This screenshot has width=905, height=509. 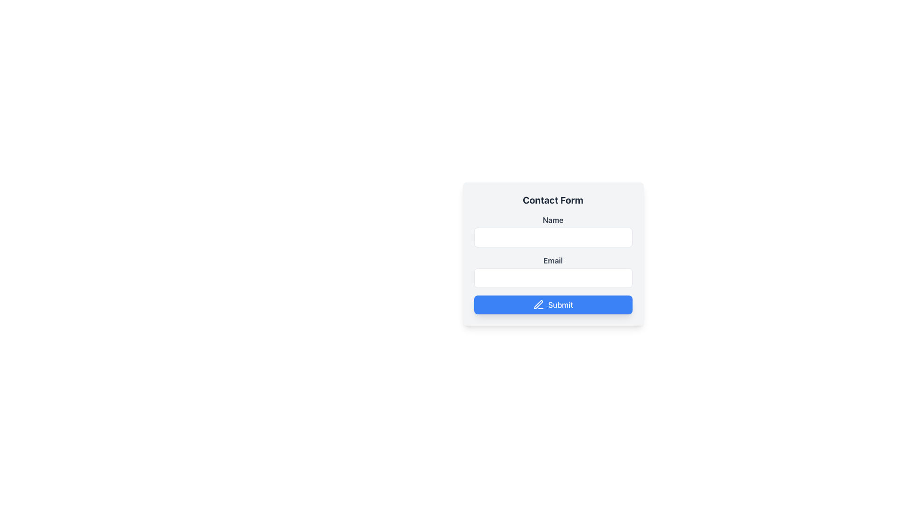 I want to click on the icon representing an editing or pen-related action located to the left of the 'Submit' button's label, so click(x=539, y=305).